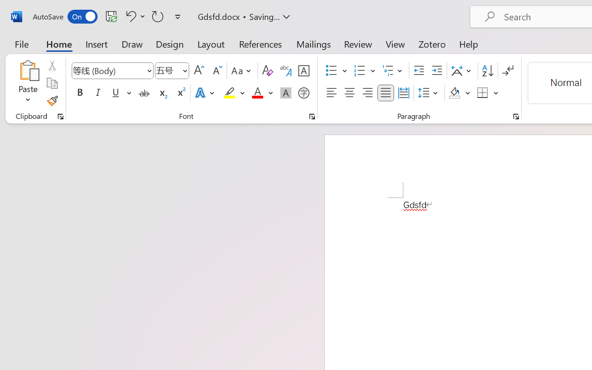 The height and width of the screenshot is (370, 592). What do you see at coordinates (129, 16) in the screenshot?
I see `'Undo Style'` at bounding box center [129, 16].